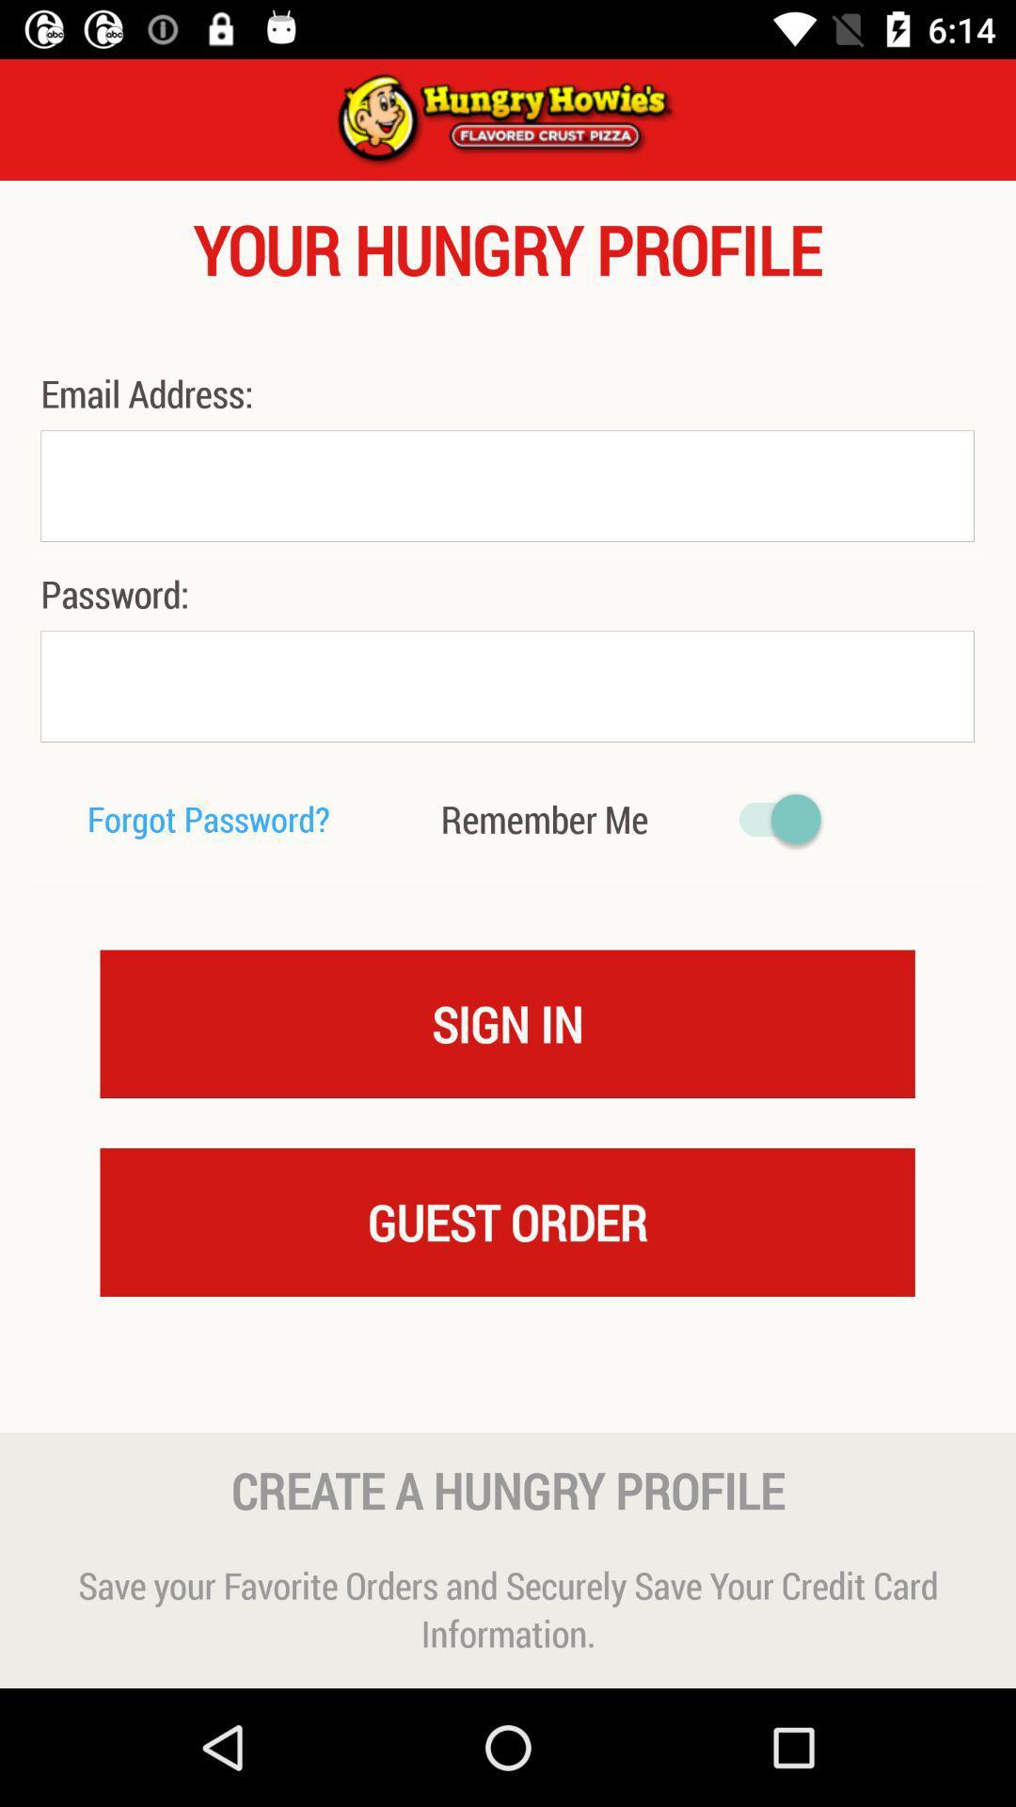  I want to click on the icon on the left, so click(209, 819).